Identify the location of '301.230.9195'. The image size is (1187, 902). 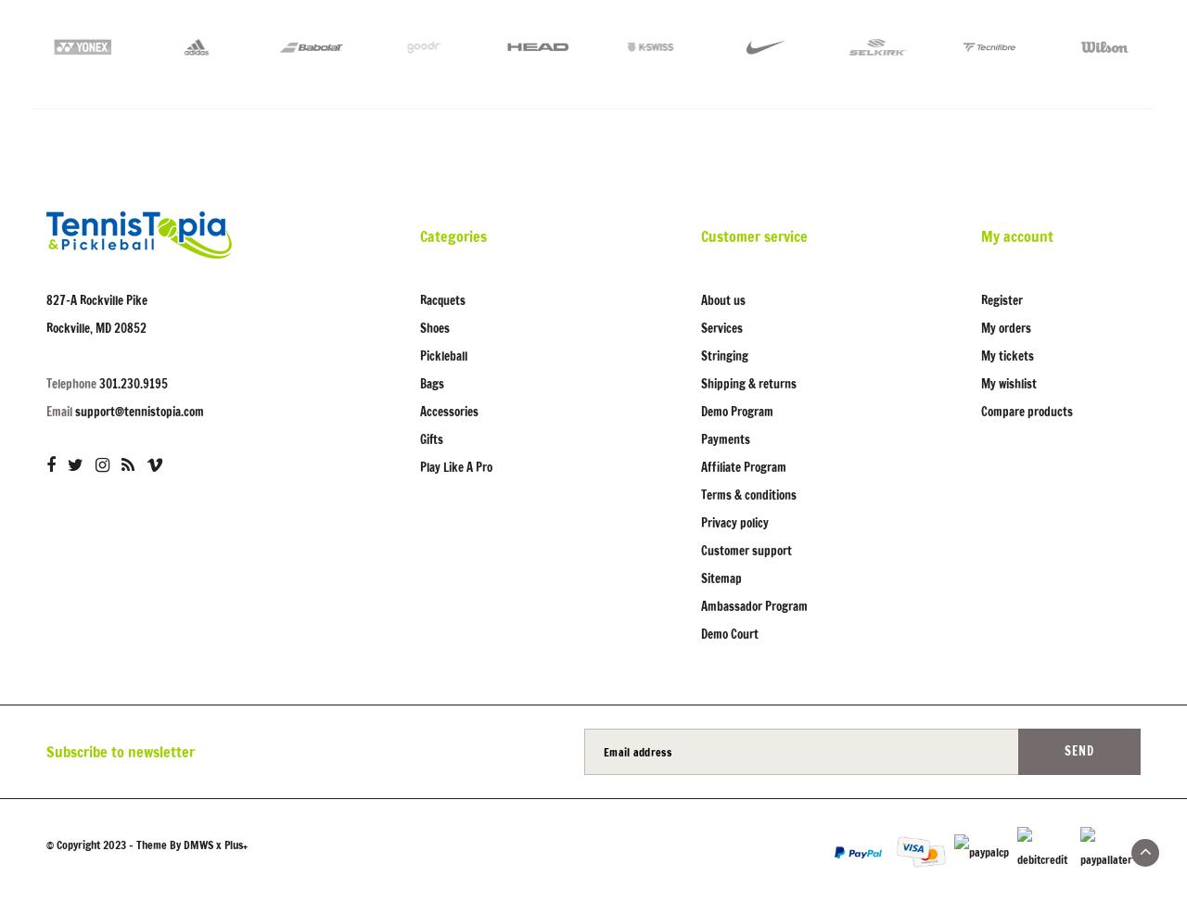
(133, 383).